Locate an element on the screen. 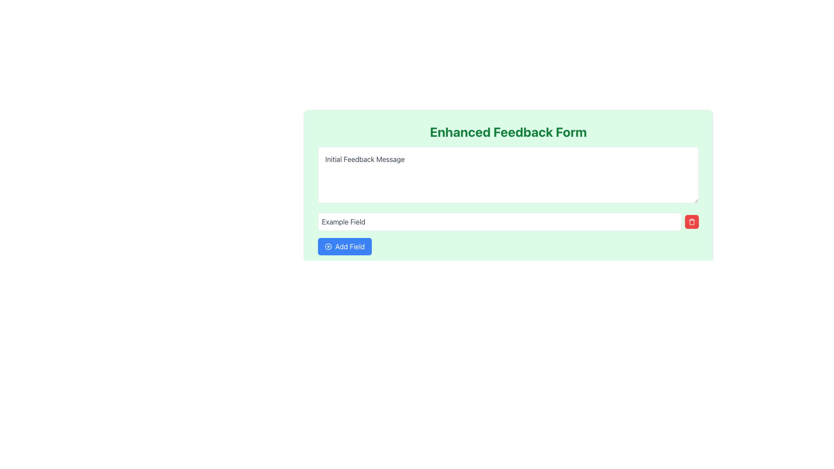  the circular SVG outline element located towards the lower right of the form interface, adjacent to the 'Example Field.' is located at coordinates (328, 246).